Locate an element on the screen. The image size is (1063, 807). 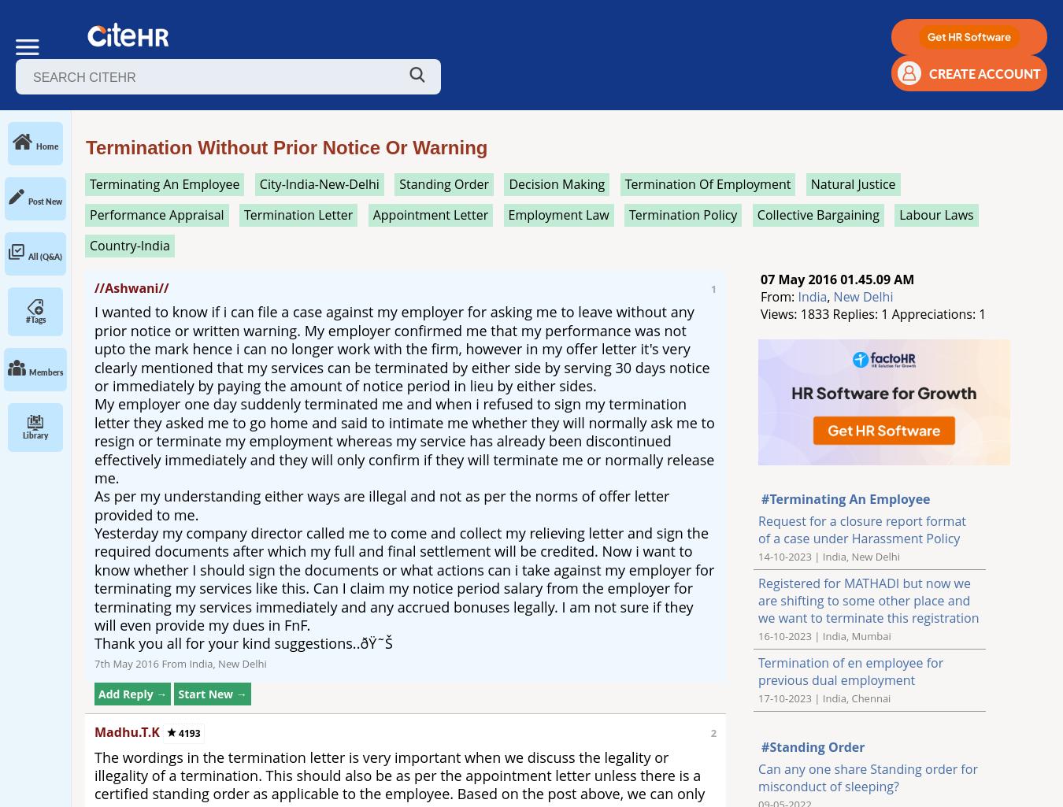
'7th May 2016' is located at coordinates (127, 663).